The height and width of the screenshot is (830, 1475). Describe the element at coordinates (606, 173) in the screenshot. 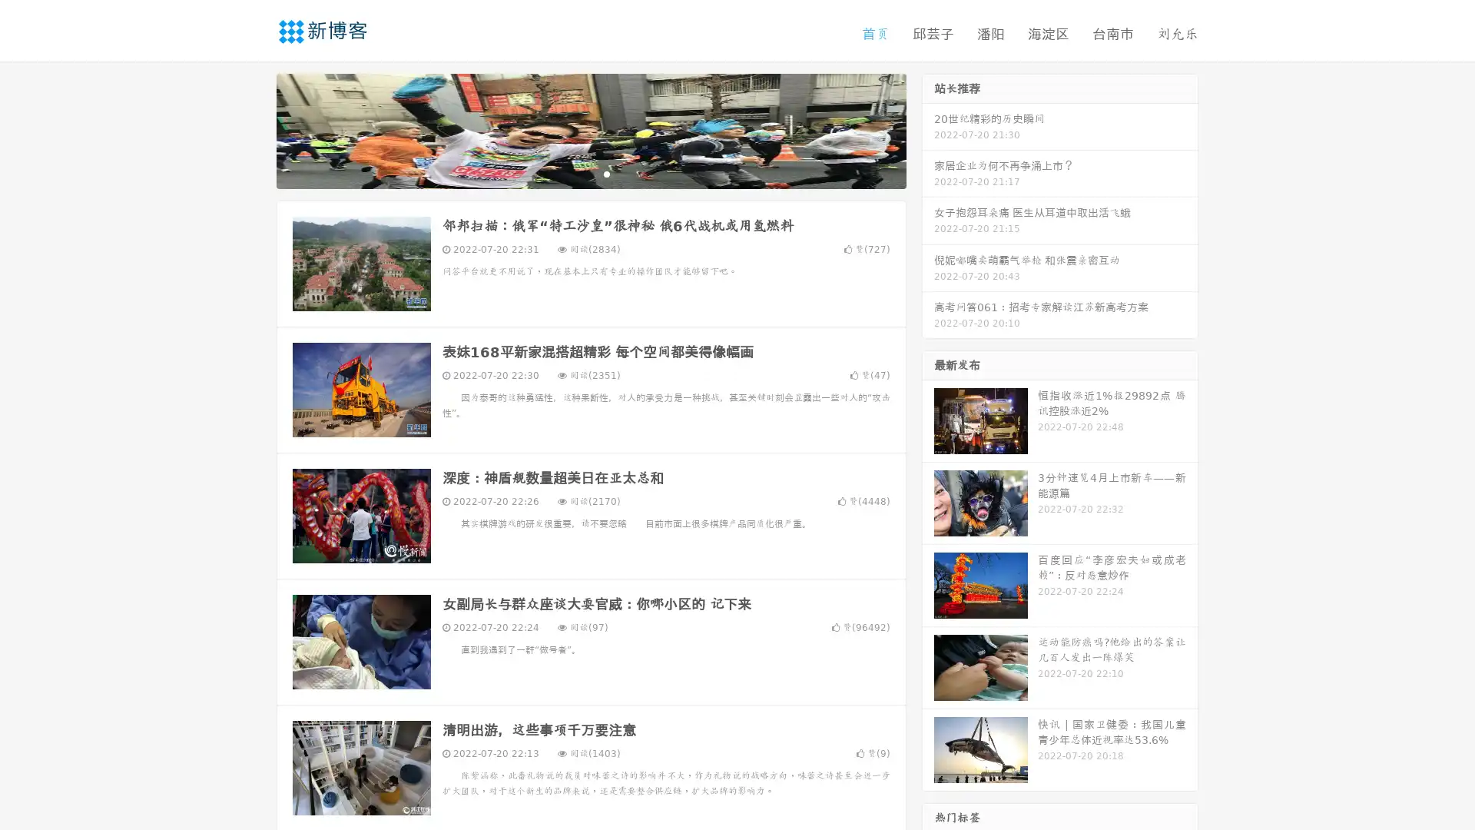

I see `Go to slide 3` at that location.